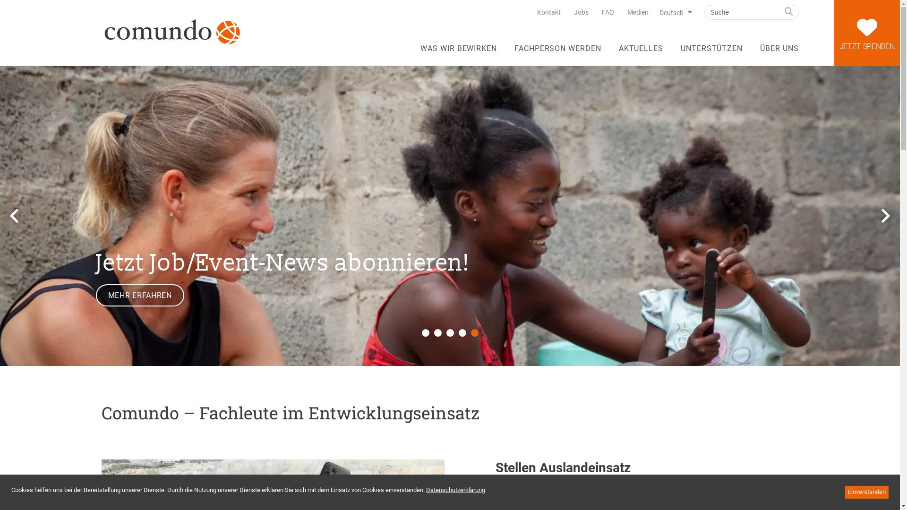 The height and width of the screenshot is (510, 907). Describe the element at coordinates (458, 332) in the screenshot. I see `'4'` at that location.